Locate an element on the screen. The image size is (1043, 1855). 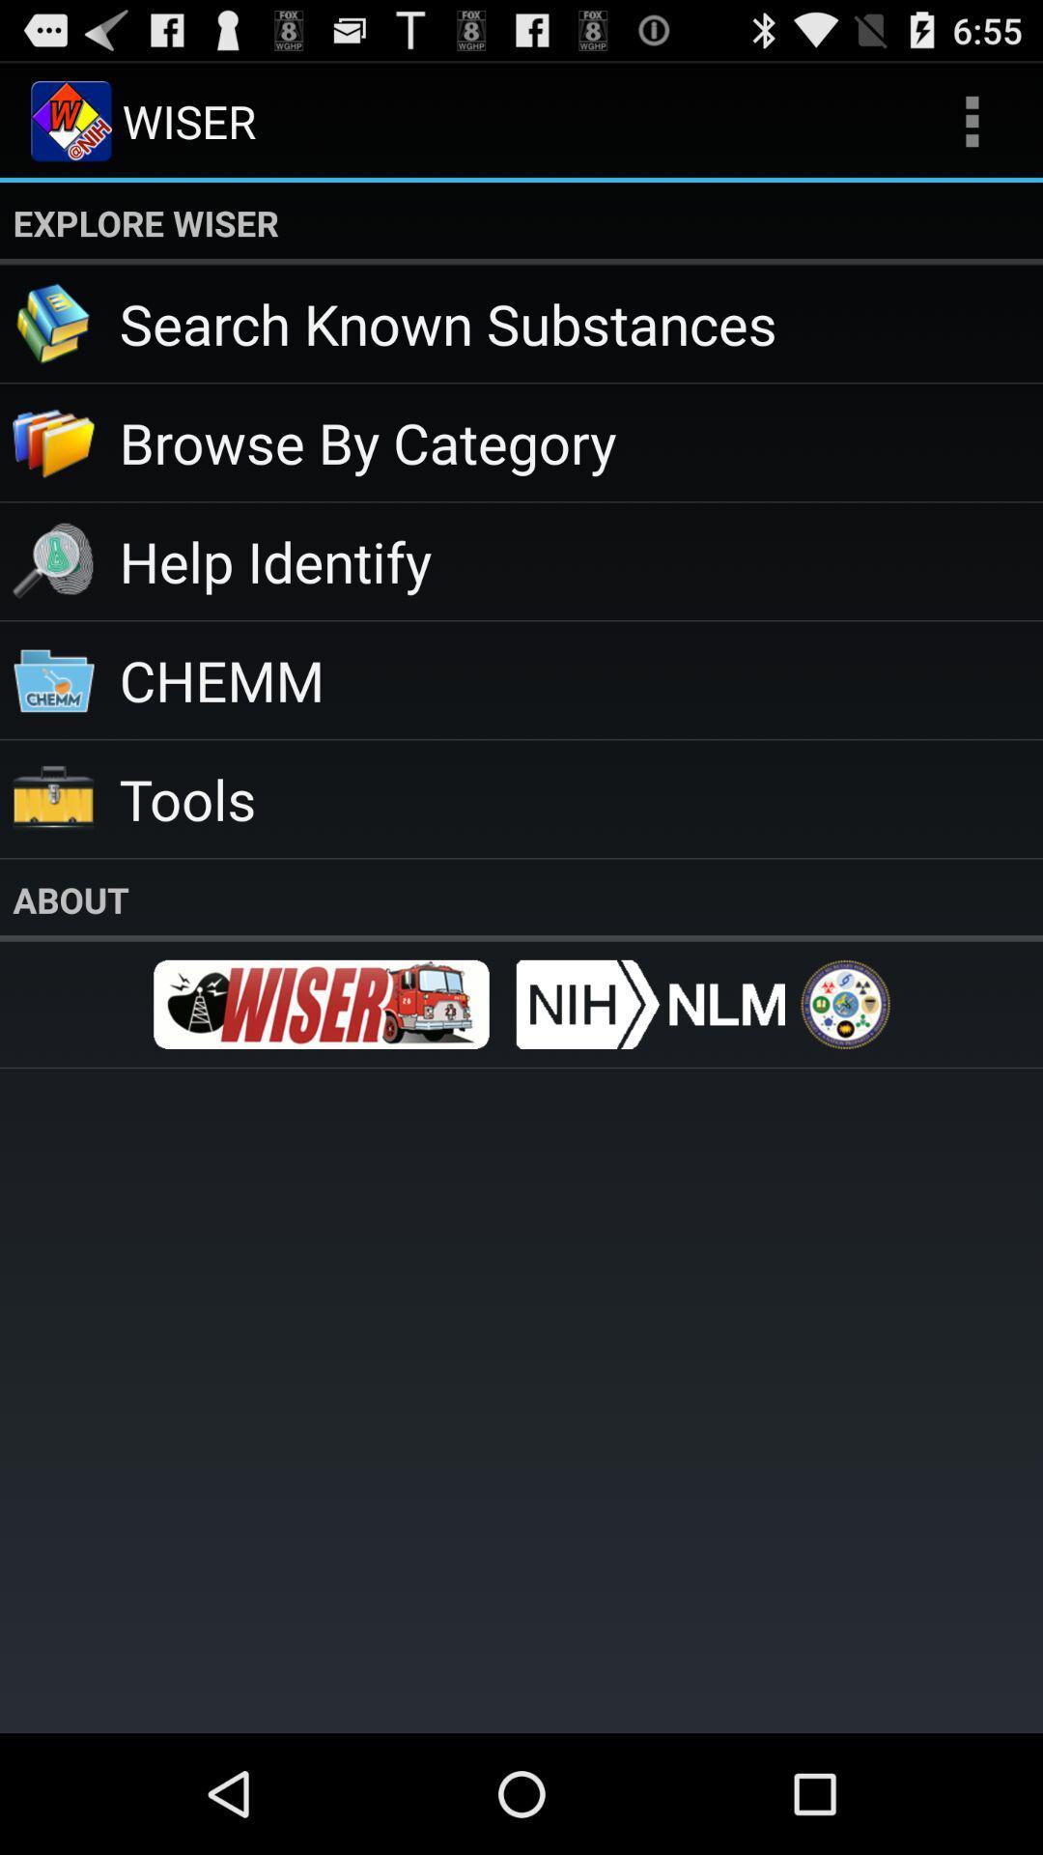
the item below the about item is located at coordinates (320, 1004).